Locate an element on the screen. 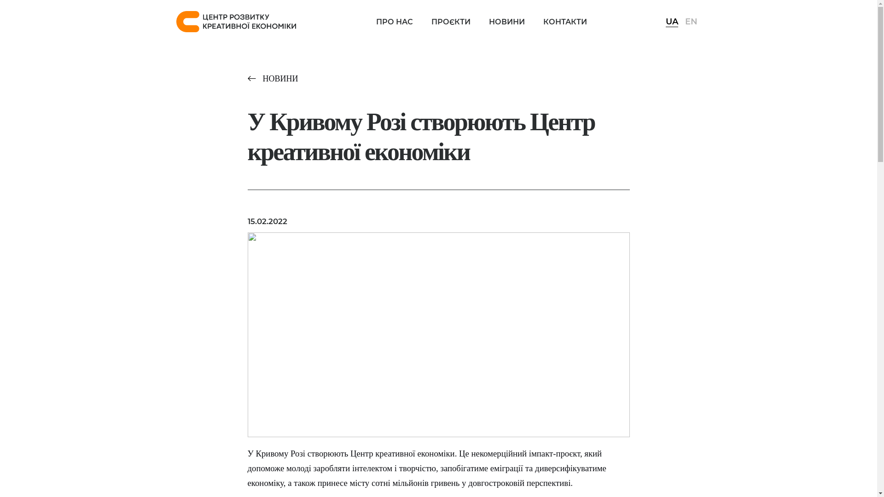 The width and height of the screenshot is (884, 497). 'EN' is located at coordinates (685, 21).